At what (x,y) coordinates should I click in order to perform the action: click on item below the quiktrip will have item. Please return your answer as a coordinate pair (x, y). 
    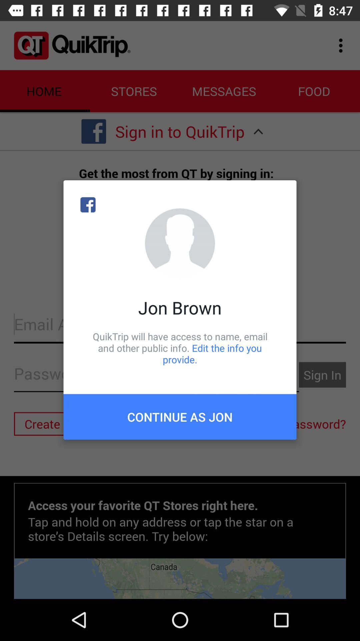
    Looking at the image, I should click on (180, 416).